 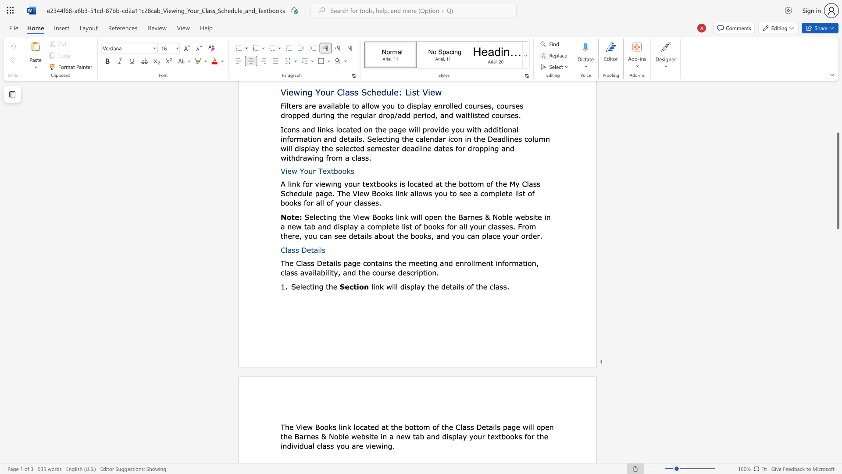 I want to click on the side scrollbar to bring the page up, so click(x=837, y=118).